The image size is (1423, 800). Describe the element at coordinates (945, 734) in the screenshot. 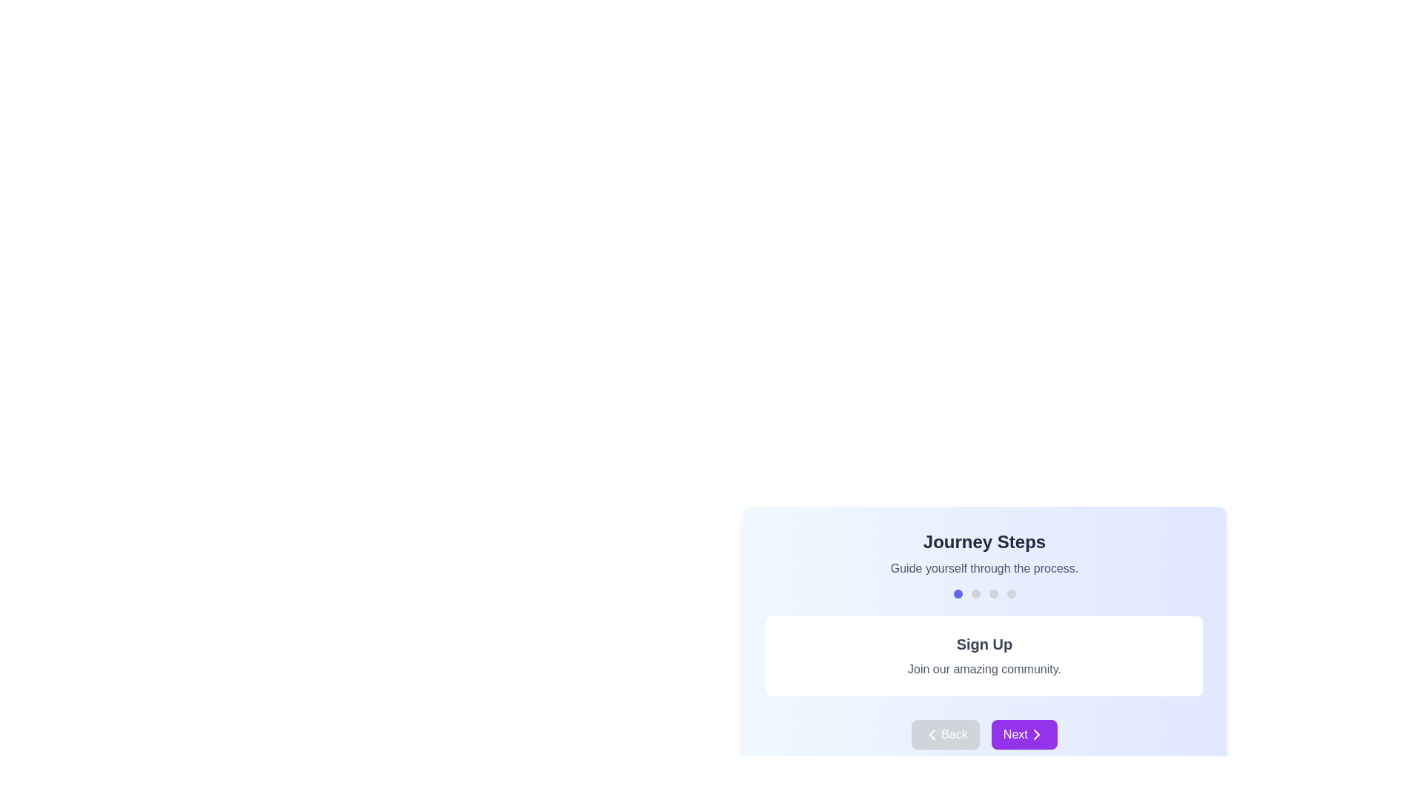

I see `the 'Back' button located near the bottom of the interface` at that location.